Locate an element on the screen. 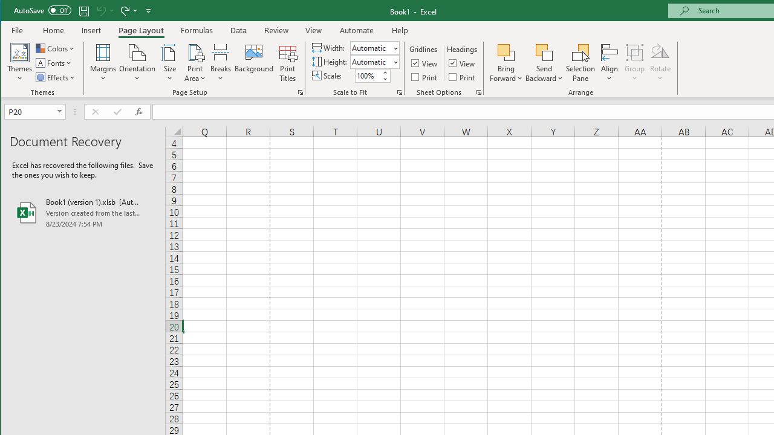 The width and height of the screenshot is (774, 435). 'Quick Access Toolbar' is located at coordinates (83, 11).